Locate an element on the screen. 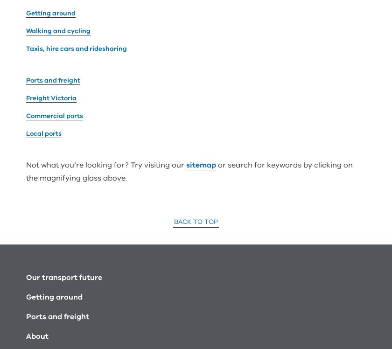  'Our transport future' is located at coordinates (26, 170).